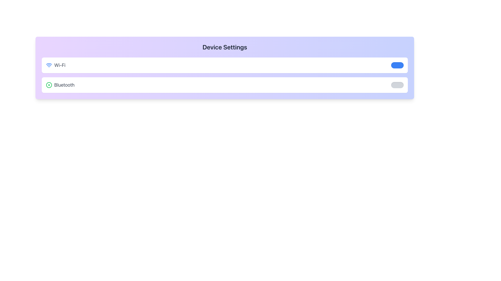  I want to click on the Wi-Fi settings label located in the upper section of the interface, positioned to the right of the wireless connectivity icon, so click(60, 65).